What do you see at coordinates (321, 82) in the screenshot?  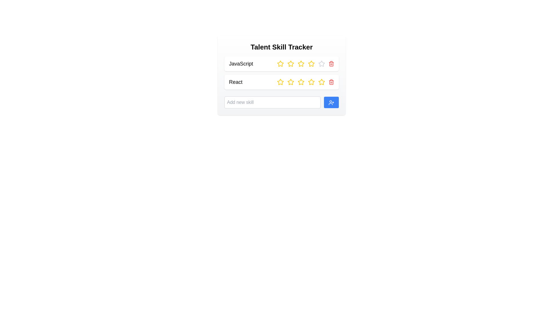 I see `the fourth Rating star icon in the 'React' skill row of the 'Talent Skill Tracker' interface to set or adjust a rating` at bounding box center [321, 82].